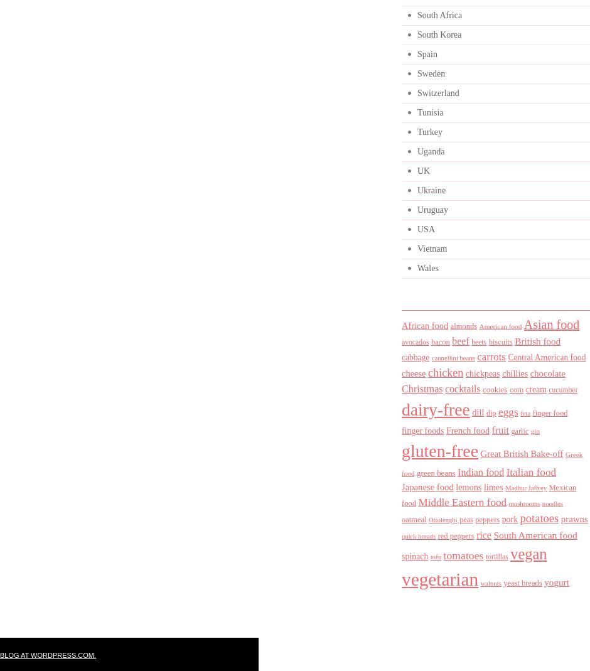 The height and width of the screenshot is (671, 590). Describe the element at coordinates (445, 429) in the screenshot. I see `'French food'` at that location.